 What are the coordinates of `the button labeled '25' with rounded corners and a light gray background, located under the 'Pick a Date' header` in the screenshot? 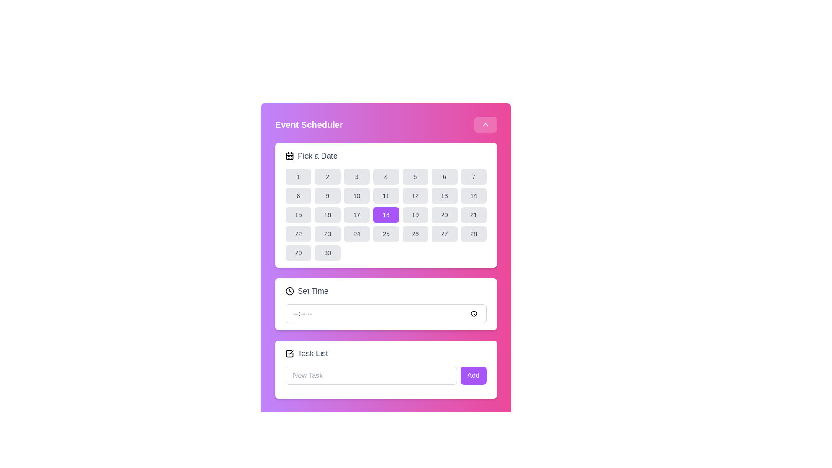 It's located at (386, 234).